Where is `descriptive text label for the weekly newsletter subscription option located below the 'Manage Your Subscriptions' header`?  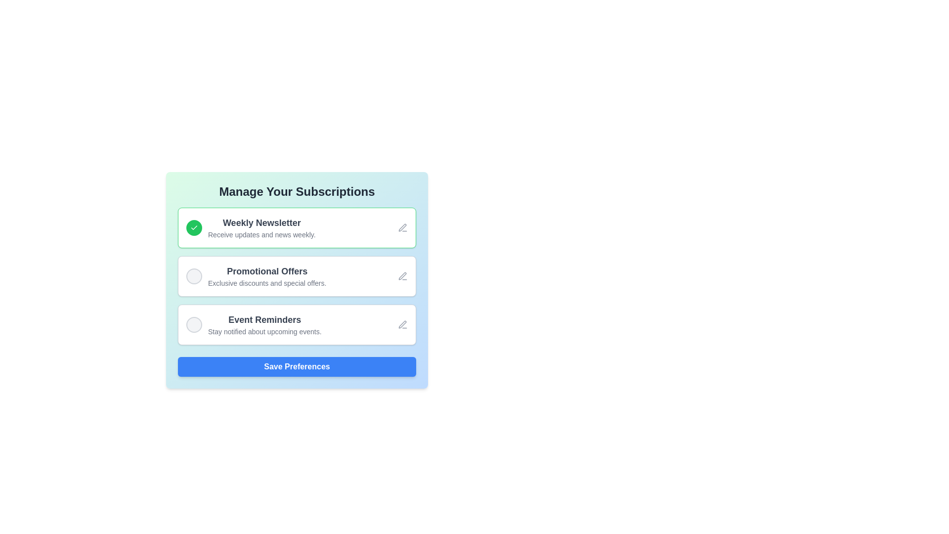 descriptive text label for the weekly newsletter subscription option located below the 'Manage Your Subscriptions' header is located at coordinates (261, 228).